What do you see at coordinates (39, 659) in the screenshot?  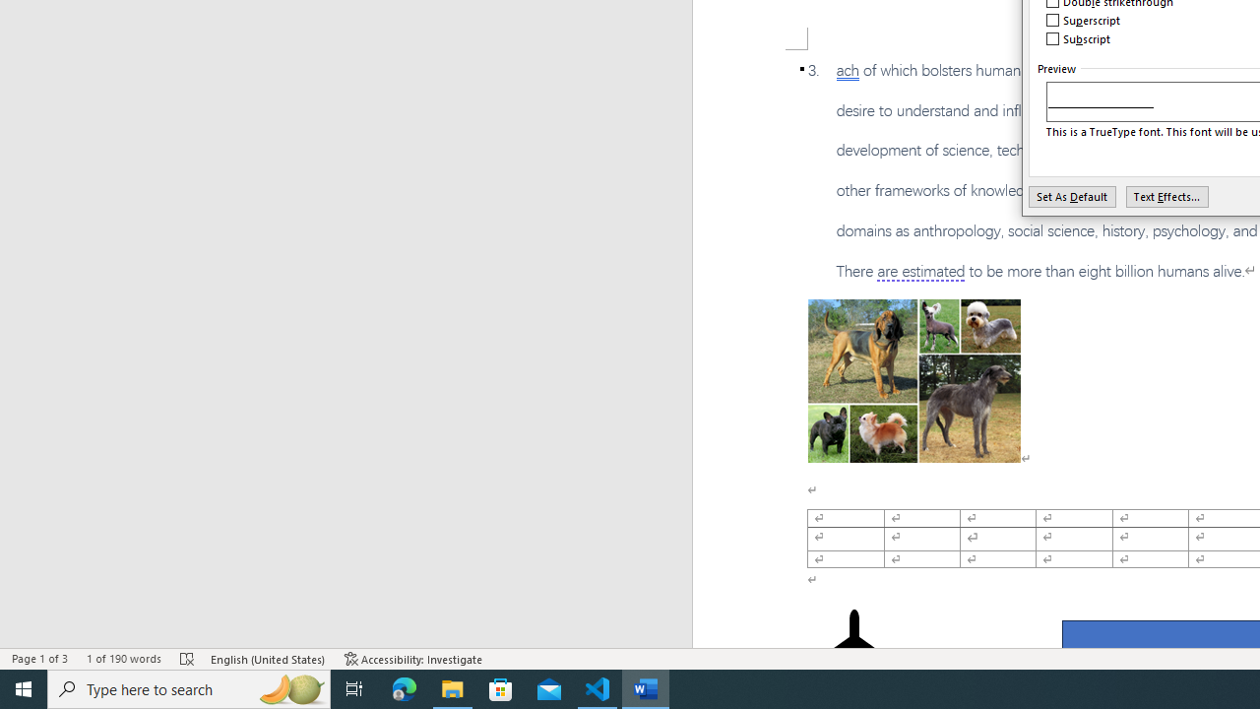 I see `'Page Number Page 1 of 3'` at bounding box center [39, 659].